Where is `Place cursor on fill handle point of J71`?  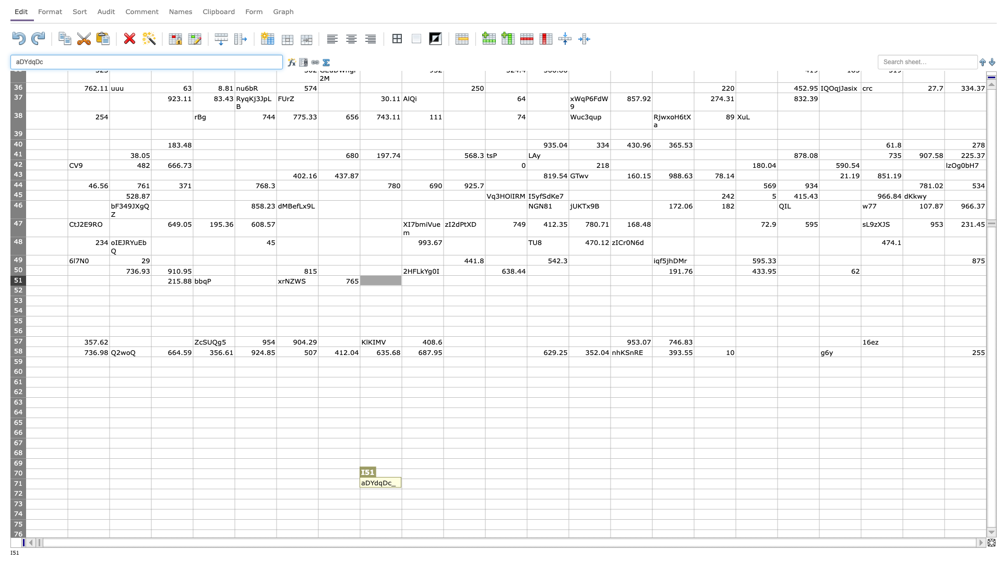
Place cursor on fill handle point of J71 is located at coordinates (443, 488).